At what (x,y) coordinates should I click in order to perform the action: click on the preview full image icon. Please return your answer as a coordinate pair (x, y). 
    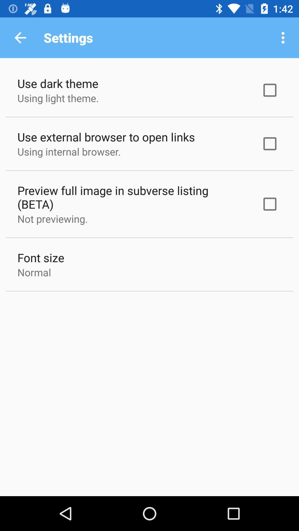
    Looking at the image, I should click on (132, 197).